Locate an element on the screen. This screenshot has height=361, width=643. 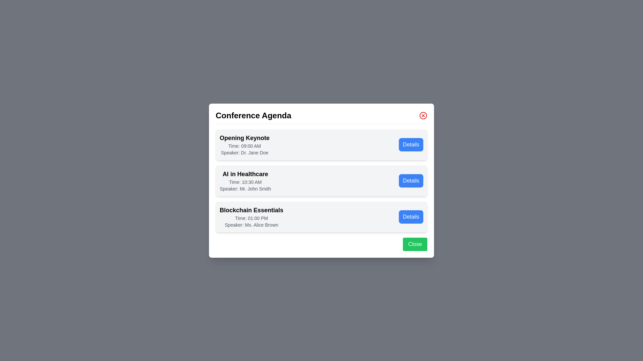
the agenda item Blockchain Essentials to observe its hover effect is located at coordinates (321, 217).